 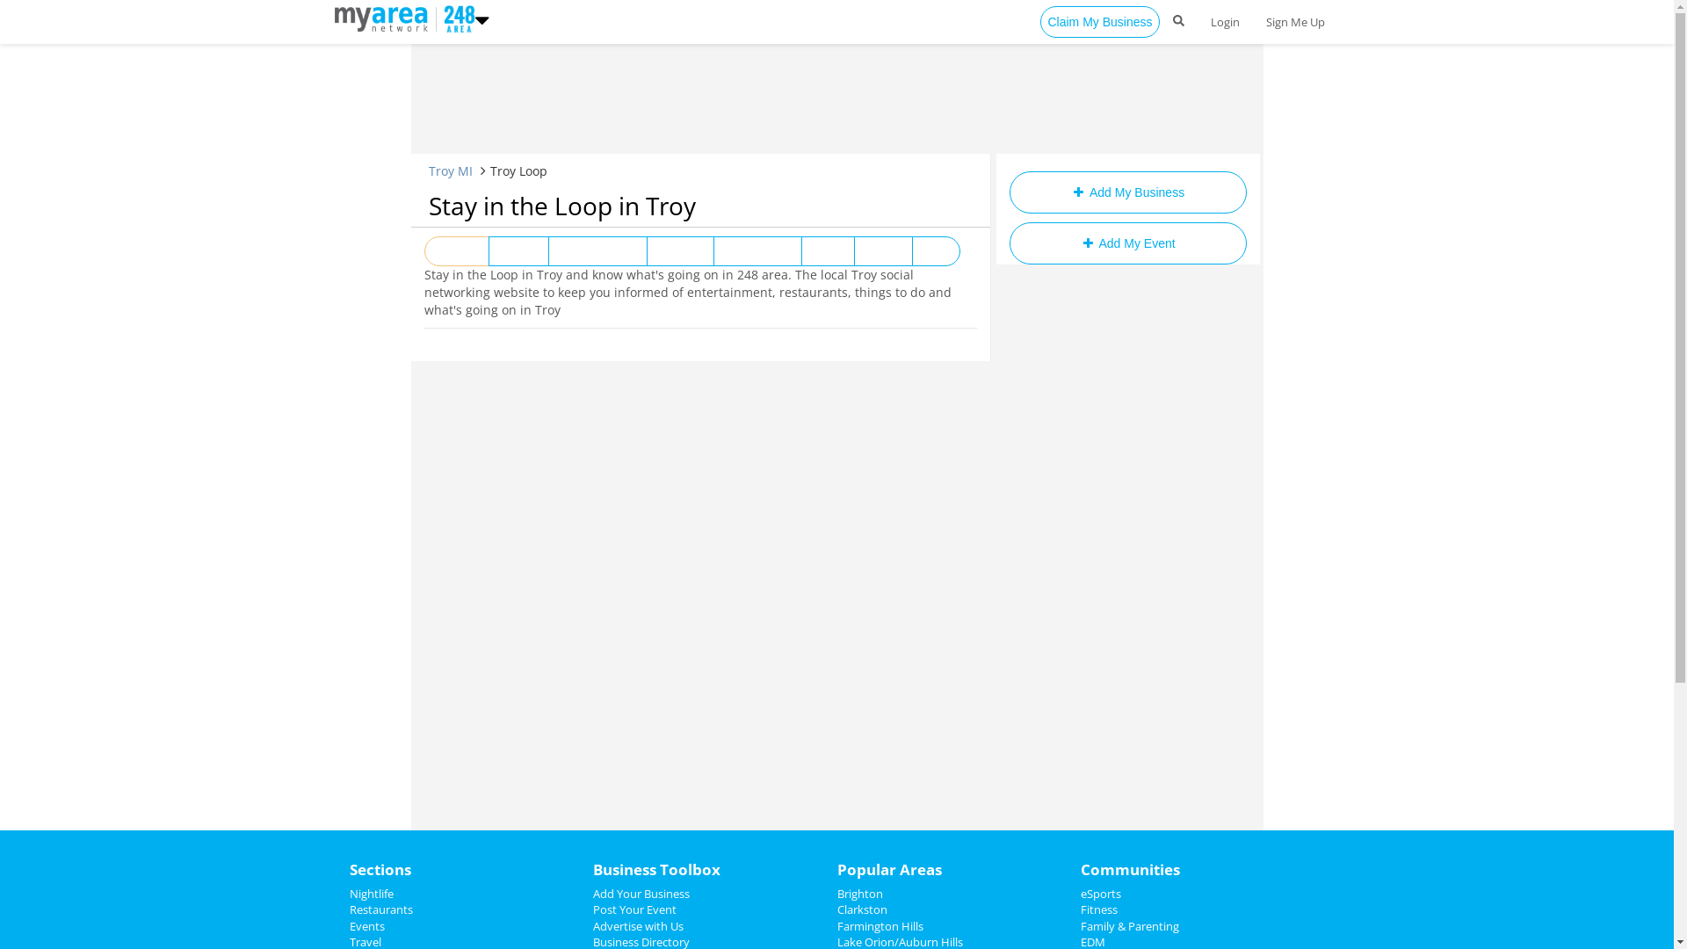 What do you see at coordinates (1126, 192) in the screenshot?
I see `'Add My Business'` at bounding box center [1126, 192].